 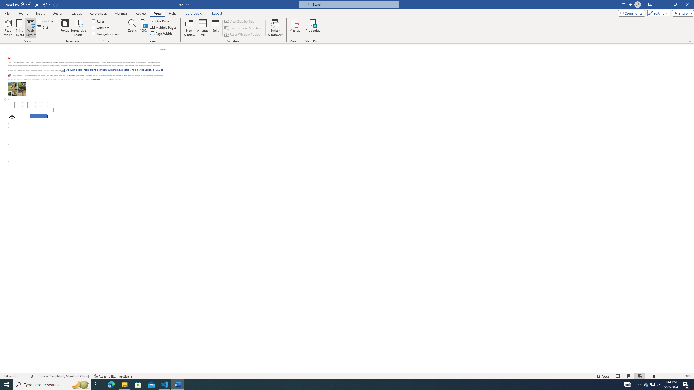 What do you see at coordinates (161, 33) in the screenshot?
I see `'Page Width'` at bounding box center [161, 33].